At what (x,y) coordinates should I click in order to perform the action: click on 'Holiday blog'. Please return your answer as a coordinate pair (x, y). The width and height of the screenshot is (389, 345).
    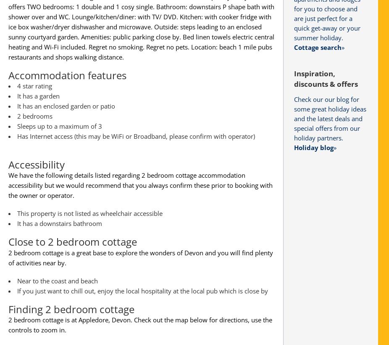
    Looking at the image, I should click on (314, 147).